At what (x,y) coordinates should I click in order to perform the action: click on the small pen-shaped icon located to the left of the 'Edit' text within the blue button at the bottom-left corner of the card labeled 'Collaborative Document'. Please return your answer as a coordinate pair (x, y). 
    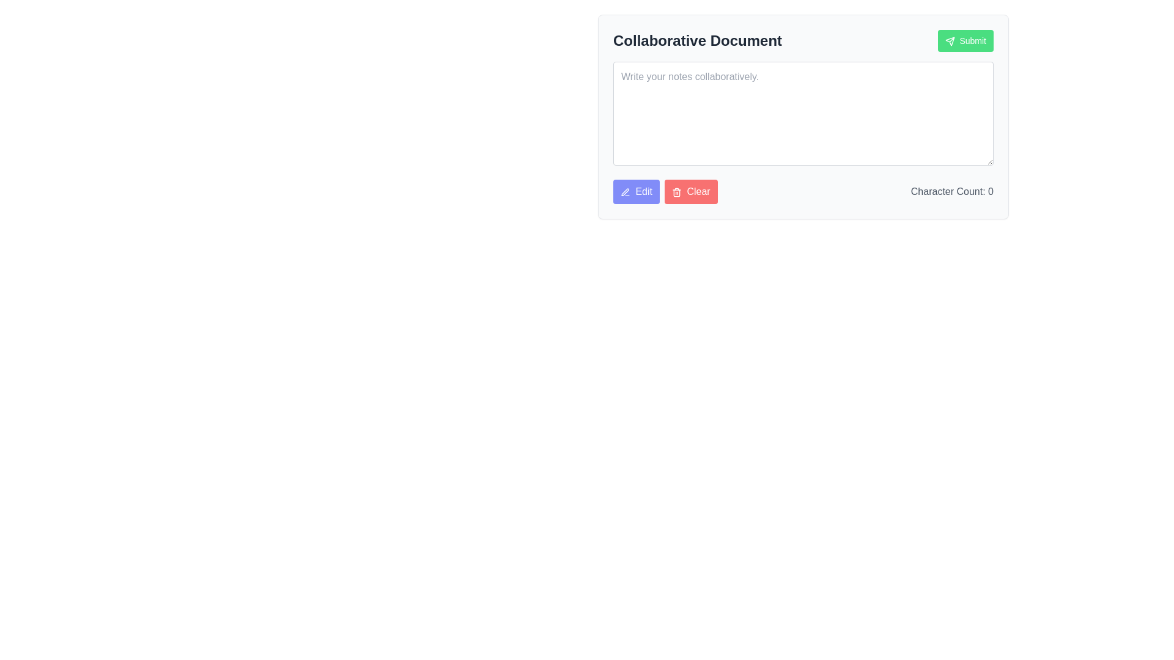
    Looking at the image, I should click on (625, 191).